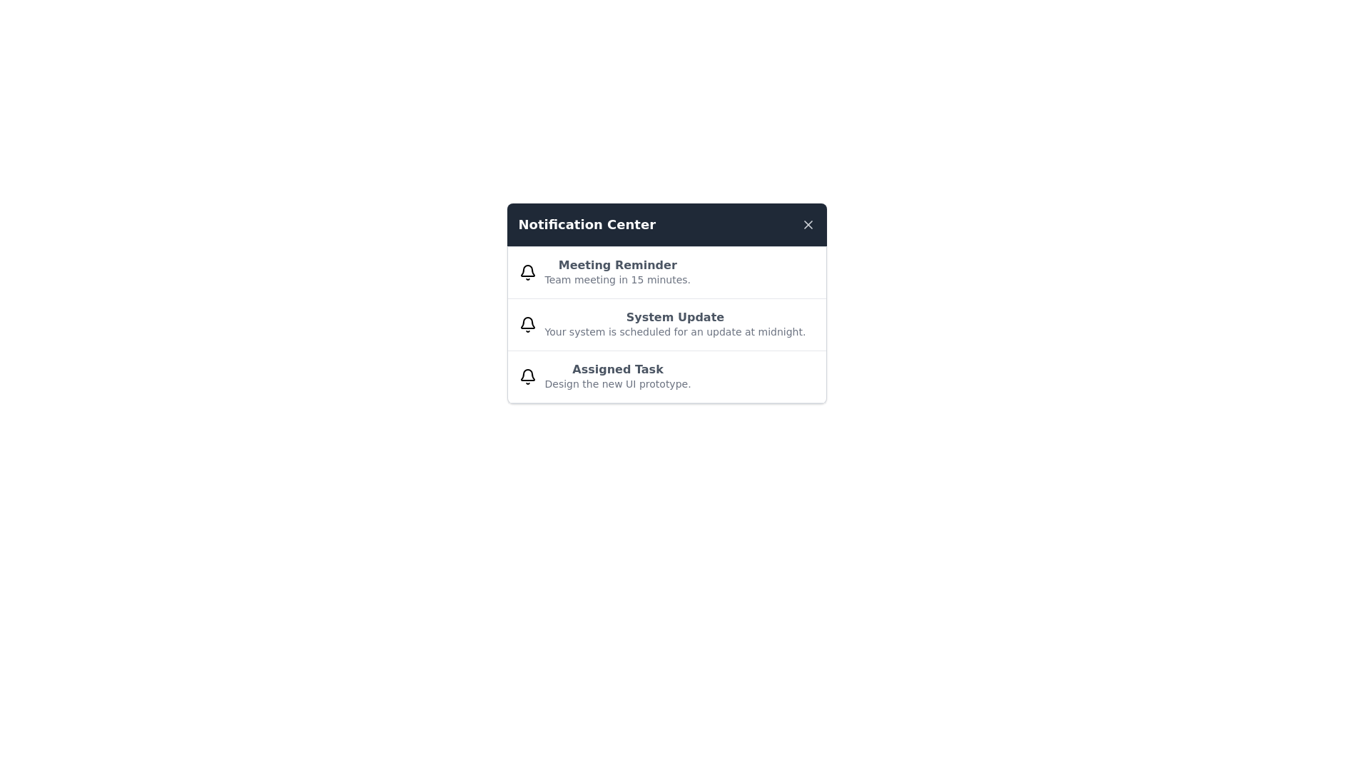 The height and width of the screenshot is (771, 1370). What do you see at coordinates (527, 374) in the screenshot?
I see `the upper part of the bell icon, which is a vector graphic component contributing to its outline and shape` at bounding box center [527, 374].